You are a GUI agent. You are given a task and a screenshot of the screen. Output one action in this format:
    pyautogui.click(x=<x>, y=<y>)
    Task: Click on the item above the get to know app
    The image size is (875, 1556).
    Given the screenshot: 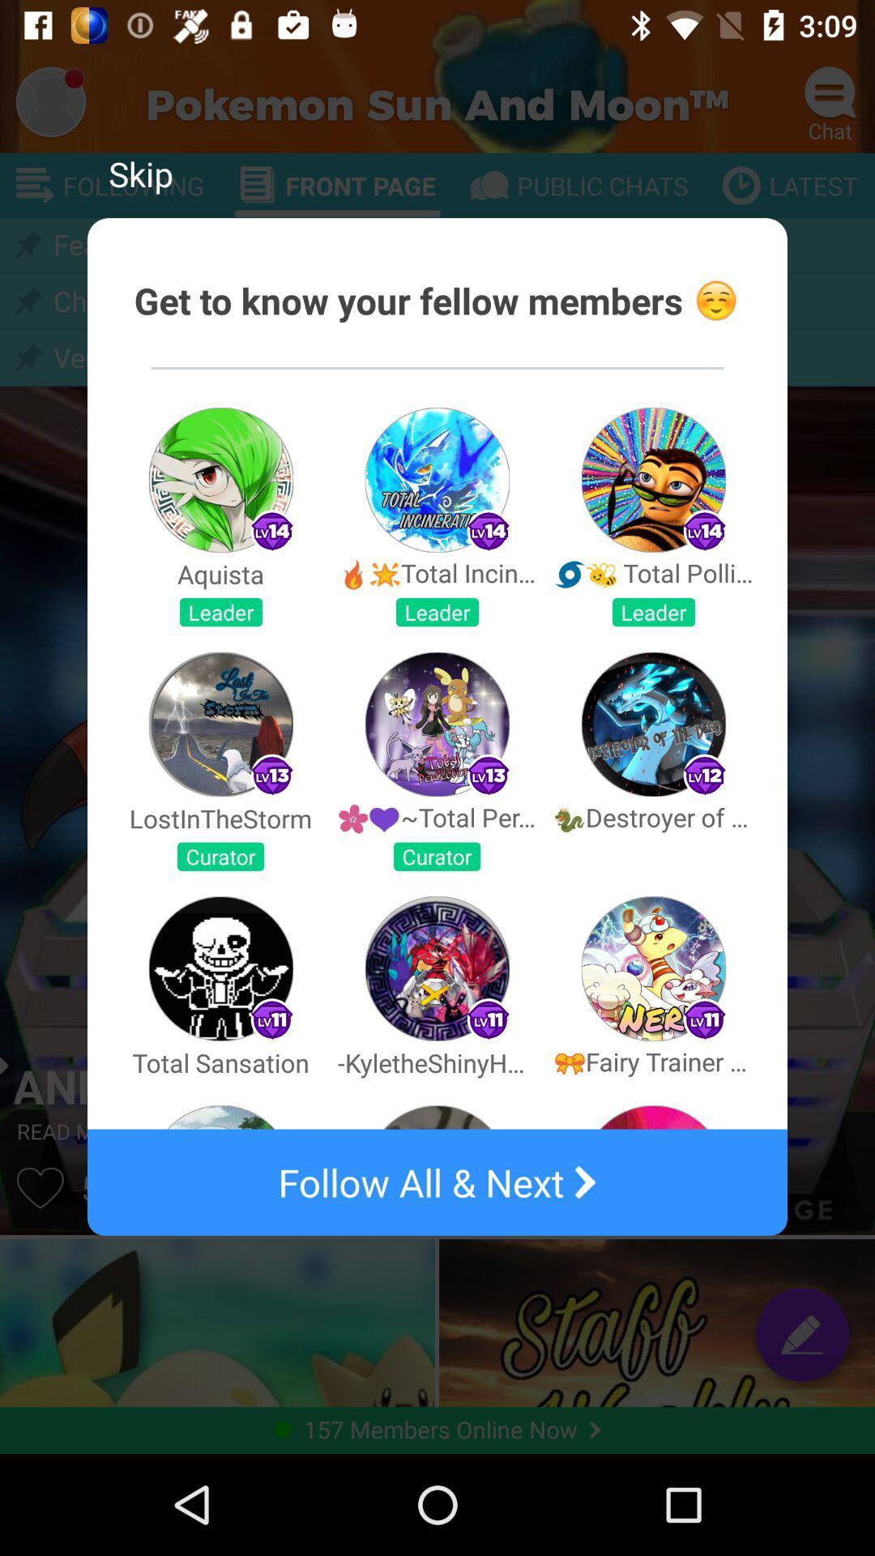 What is the action you would take?
    pyautogui.click(x=139, y=173)
    